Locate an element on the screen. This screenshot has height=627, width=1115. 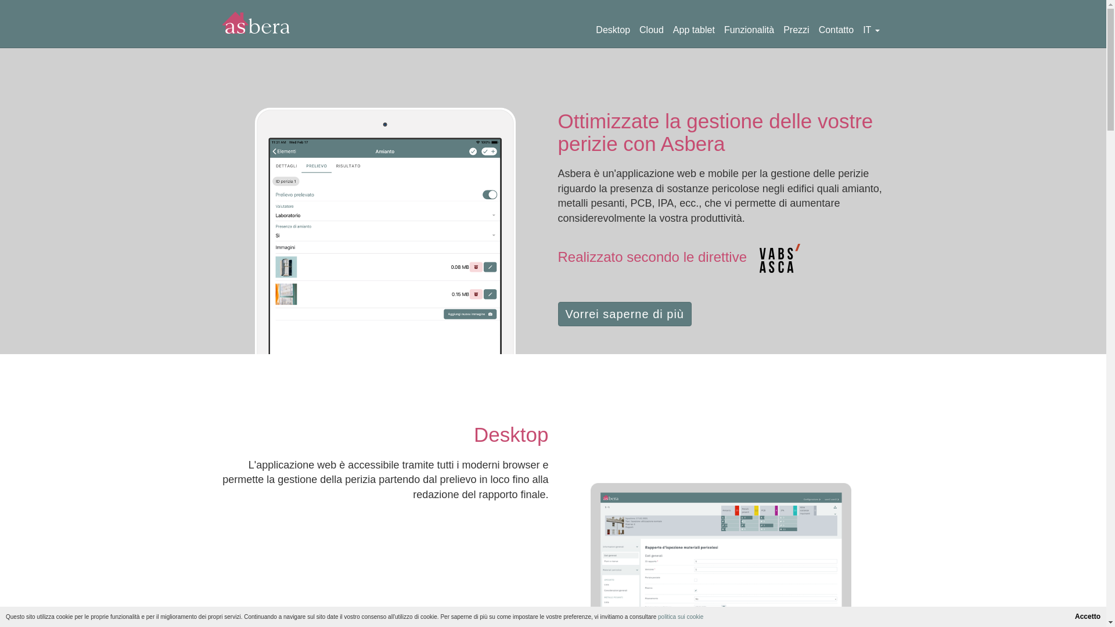
'Prezzi' is located at coordinates (796, 26).